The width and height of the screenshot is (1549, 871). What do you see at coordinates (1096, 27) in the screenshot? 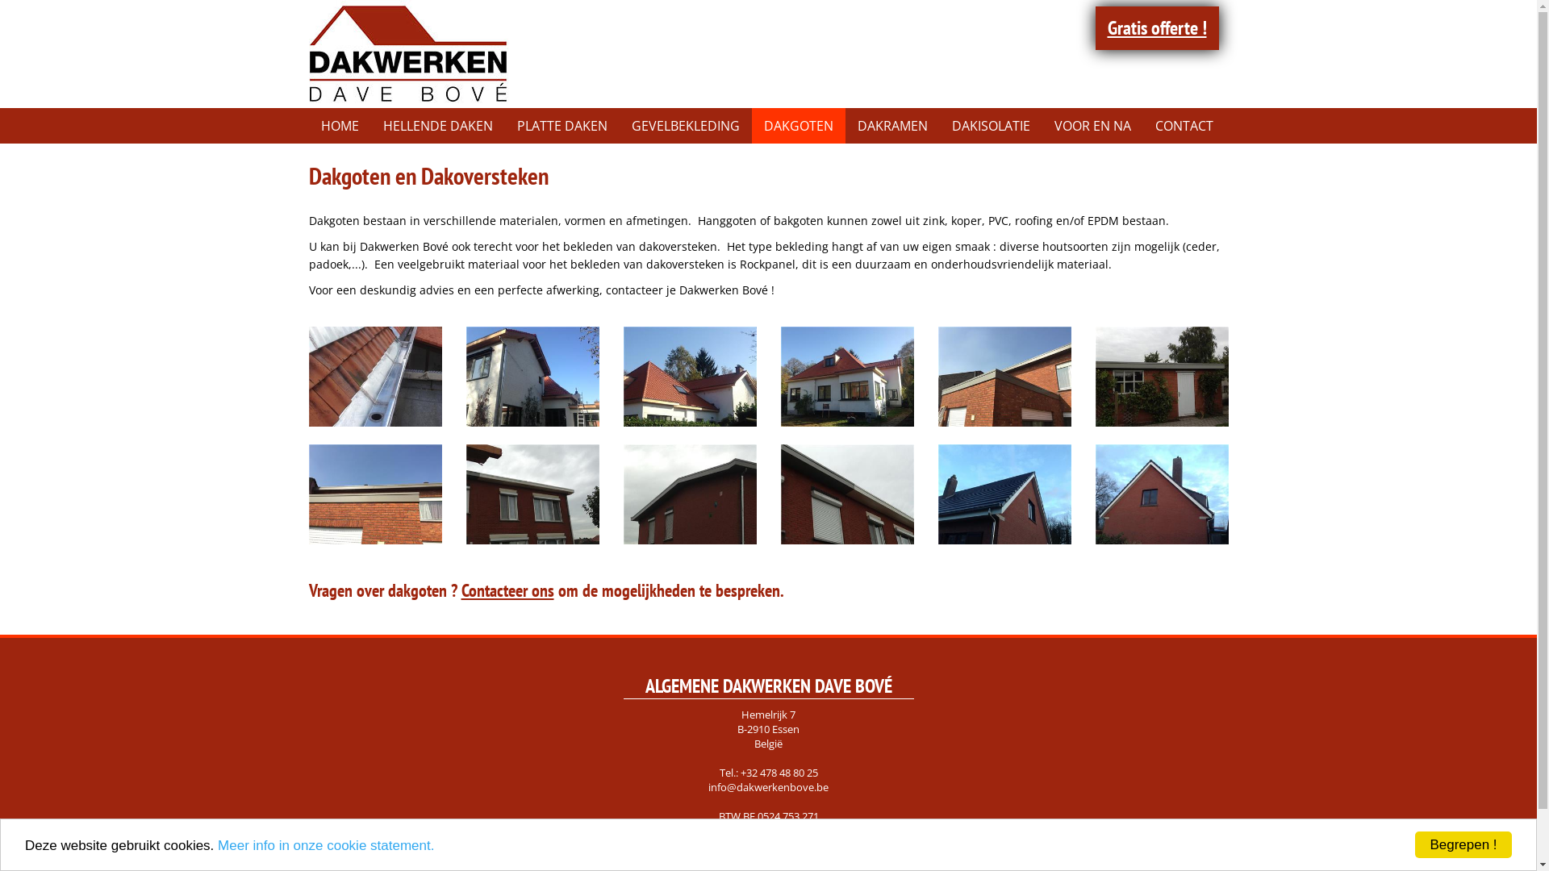
I see `'Gratis offerte !'` at bounding box center [1096, 27].